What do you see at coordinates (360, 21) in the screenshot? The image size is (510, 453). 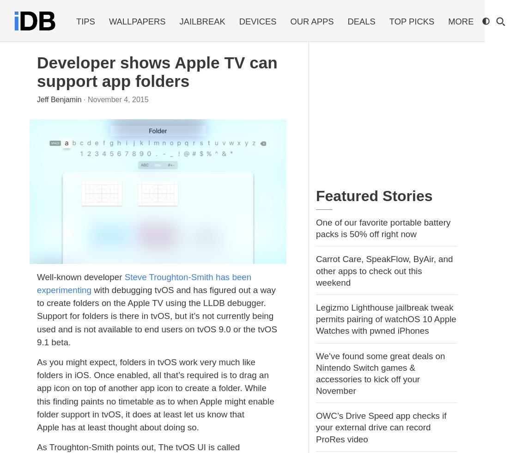 I see `'Deals'` at bounding box center [360, 21].